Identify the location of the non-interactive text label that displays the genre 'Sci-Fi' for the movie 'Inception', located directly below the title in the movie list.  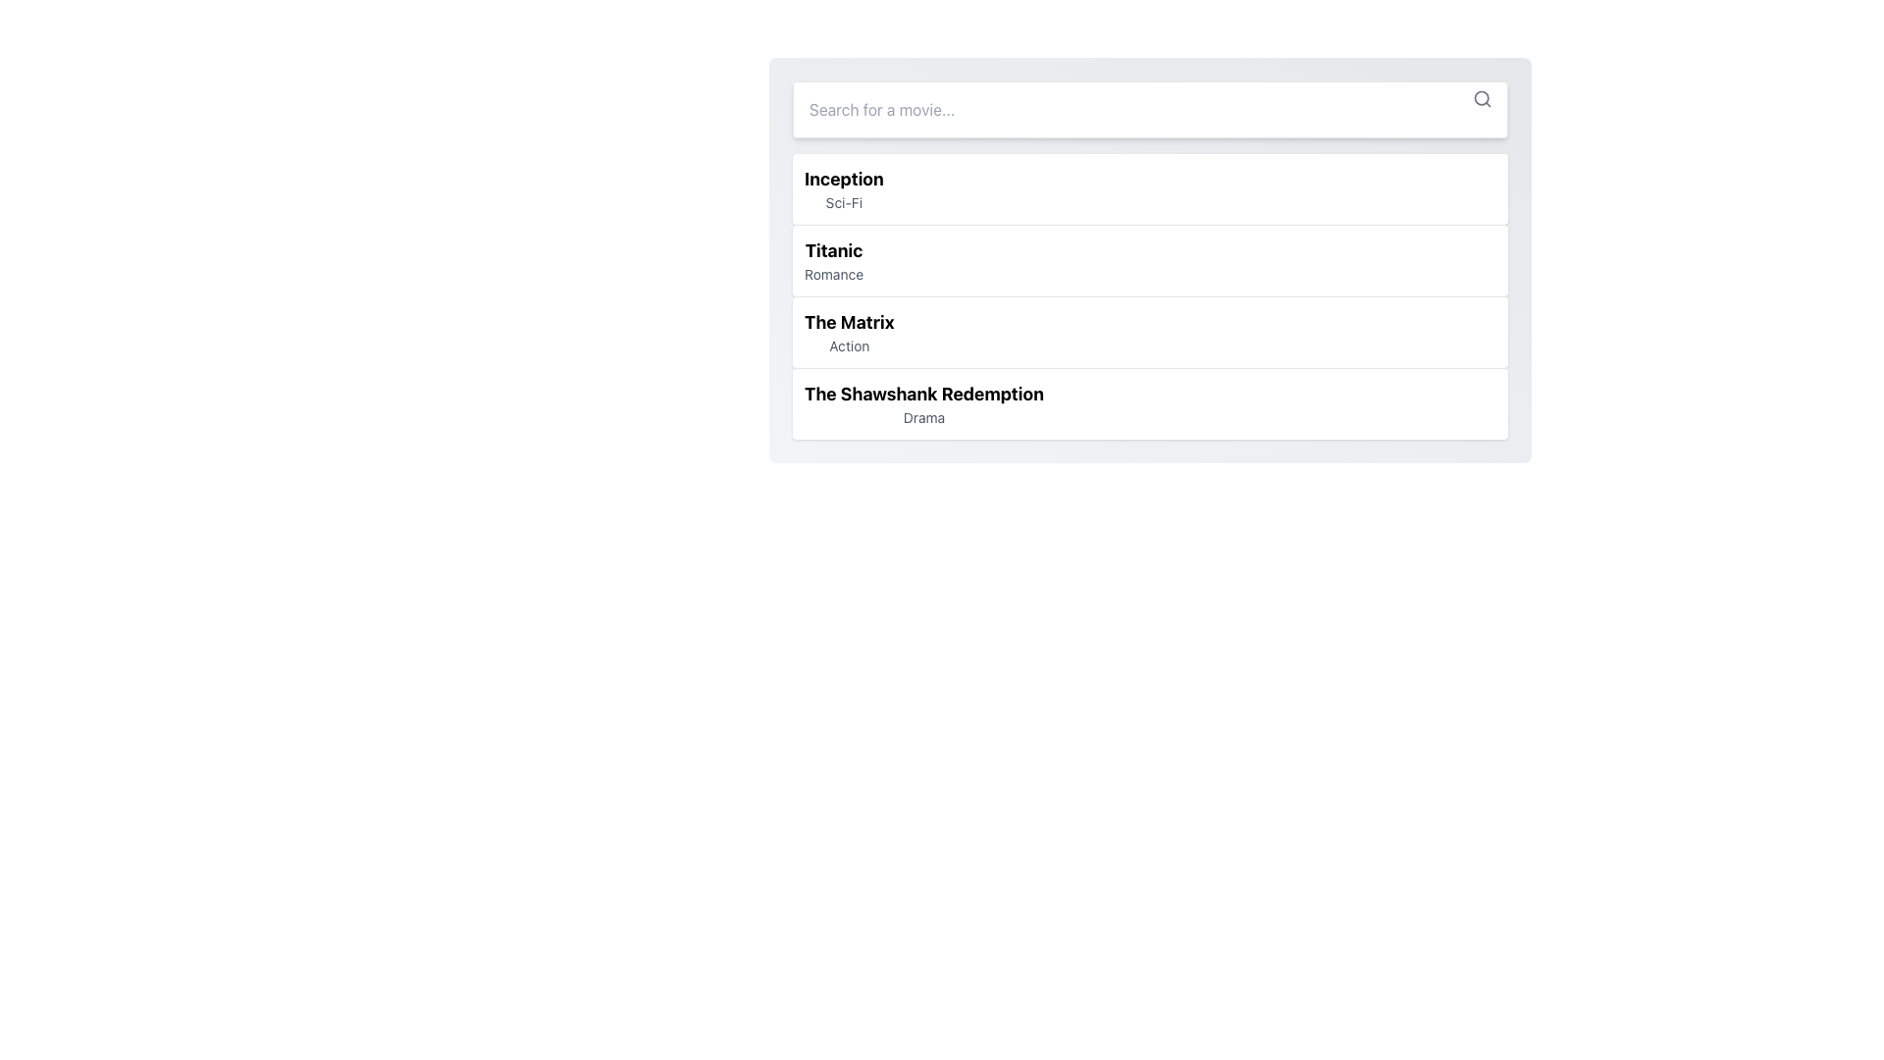
(844, 203).